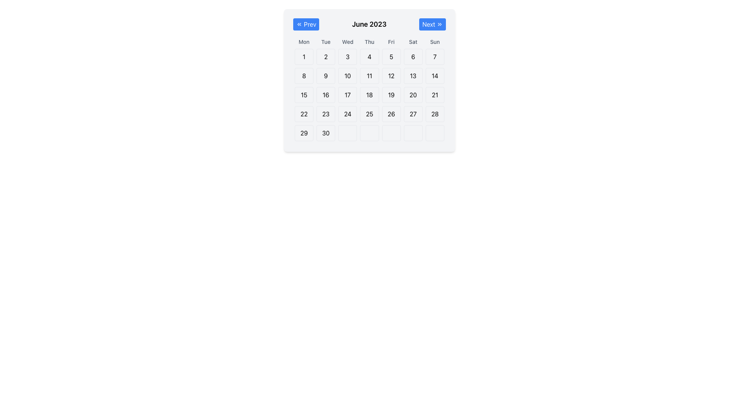  I want to click on the date buttons in the third row of the calendar grid, so click(370, 95).